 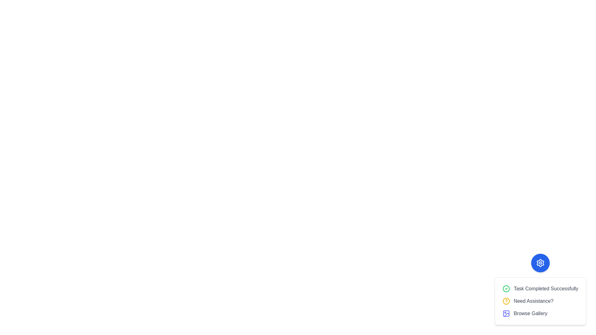 What do you see at coordinates (506, 288) in the screenshot?
I see `the static confirmation icon located to the left of the text 'Task Completed Successfully' in the bottom-right section of the interface` at bounding box center [506, 288].